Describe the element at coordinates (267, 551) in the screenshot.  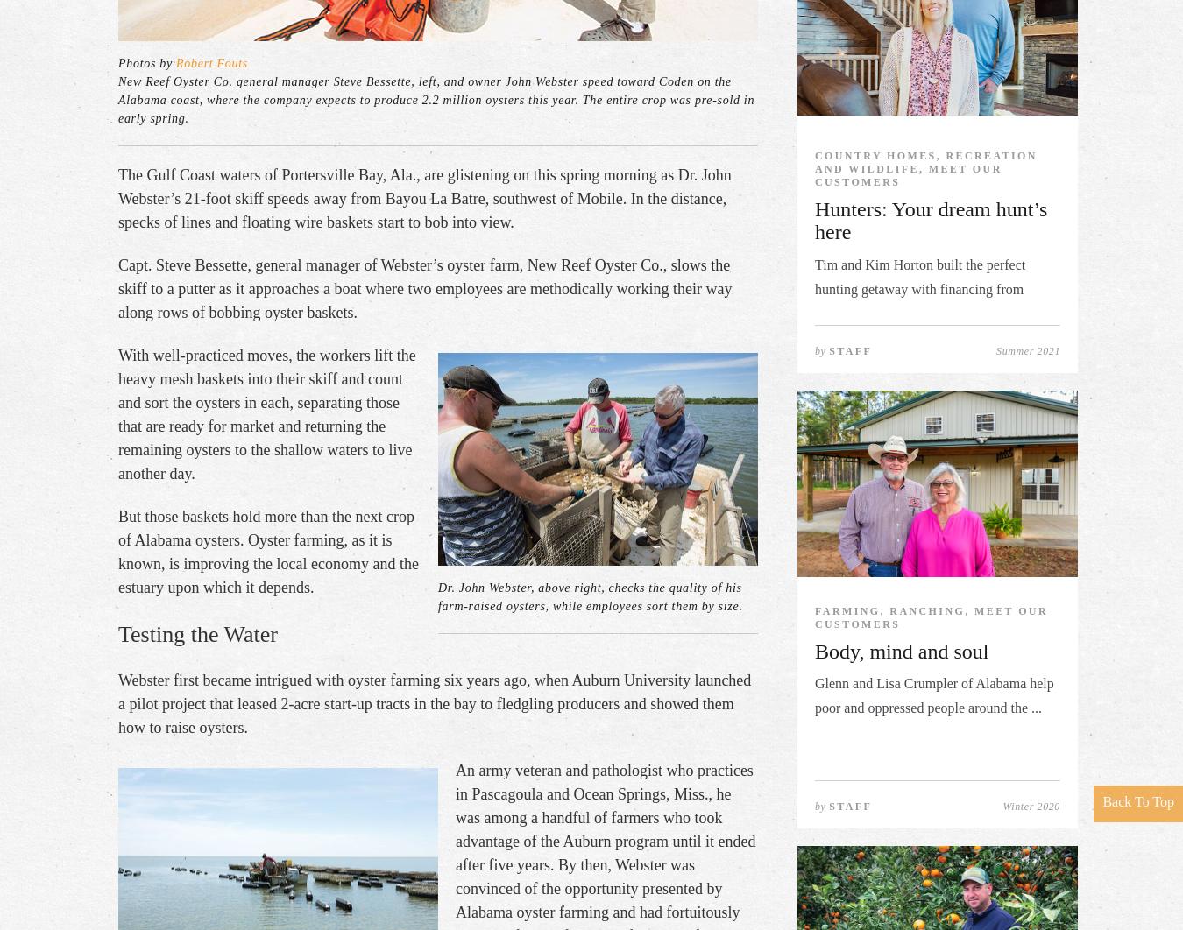
I see `'But those baskets hold more than the next crop of Alabama oysters. Oyster farming, as it is known, is improving the local economy and the estuary upon which it depends.'` at that location.